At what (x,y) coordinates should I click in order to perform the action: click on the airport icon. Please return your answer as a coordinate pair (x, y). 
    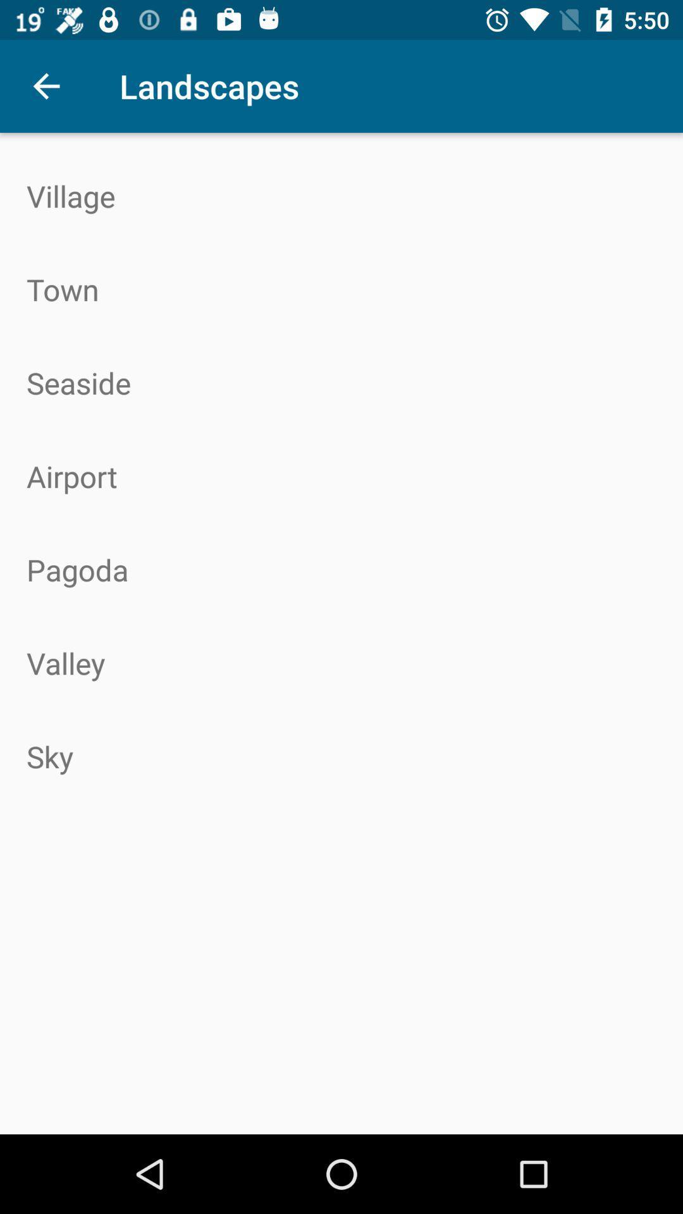
    Looking at the image, I should click on (341, 475).